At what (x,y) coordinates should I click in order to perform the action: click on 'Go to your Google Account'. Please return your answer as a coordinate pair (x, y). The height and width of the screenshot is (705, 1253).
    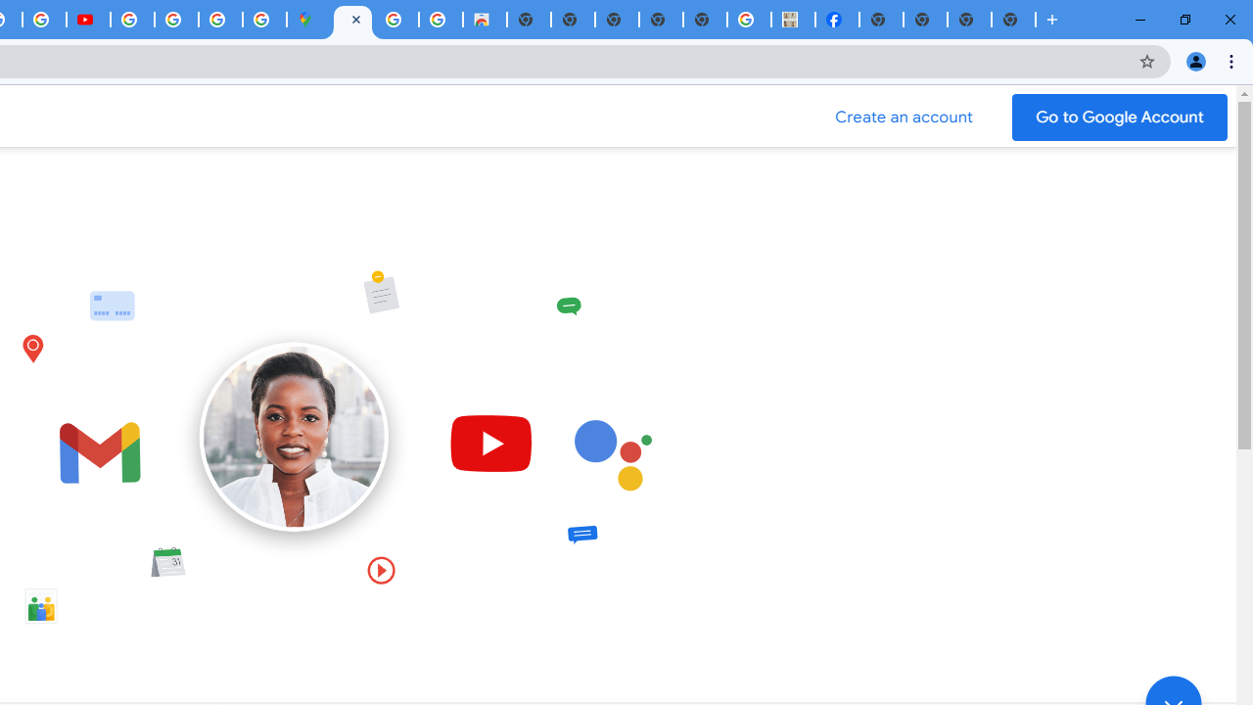
    Looking at the image, I should click on (1120, 117).